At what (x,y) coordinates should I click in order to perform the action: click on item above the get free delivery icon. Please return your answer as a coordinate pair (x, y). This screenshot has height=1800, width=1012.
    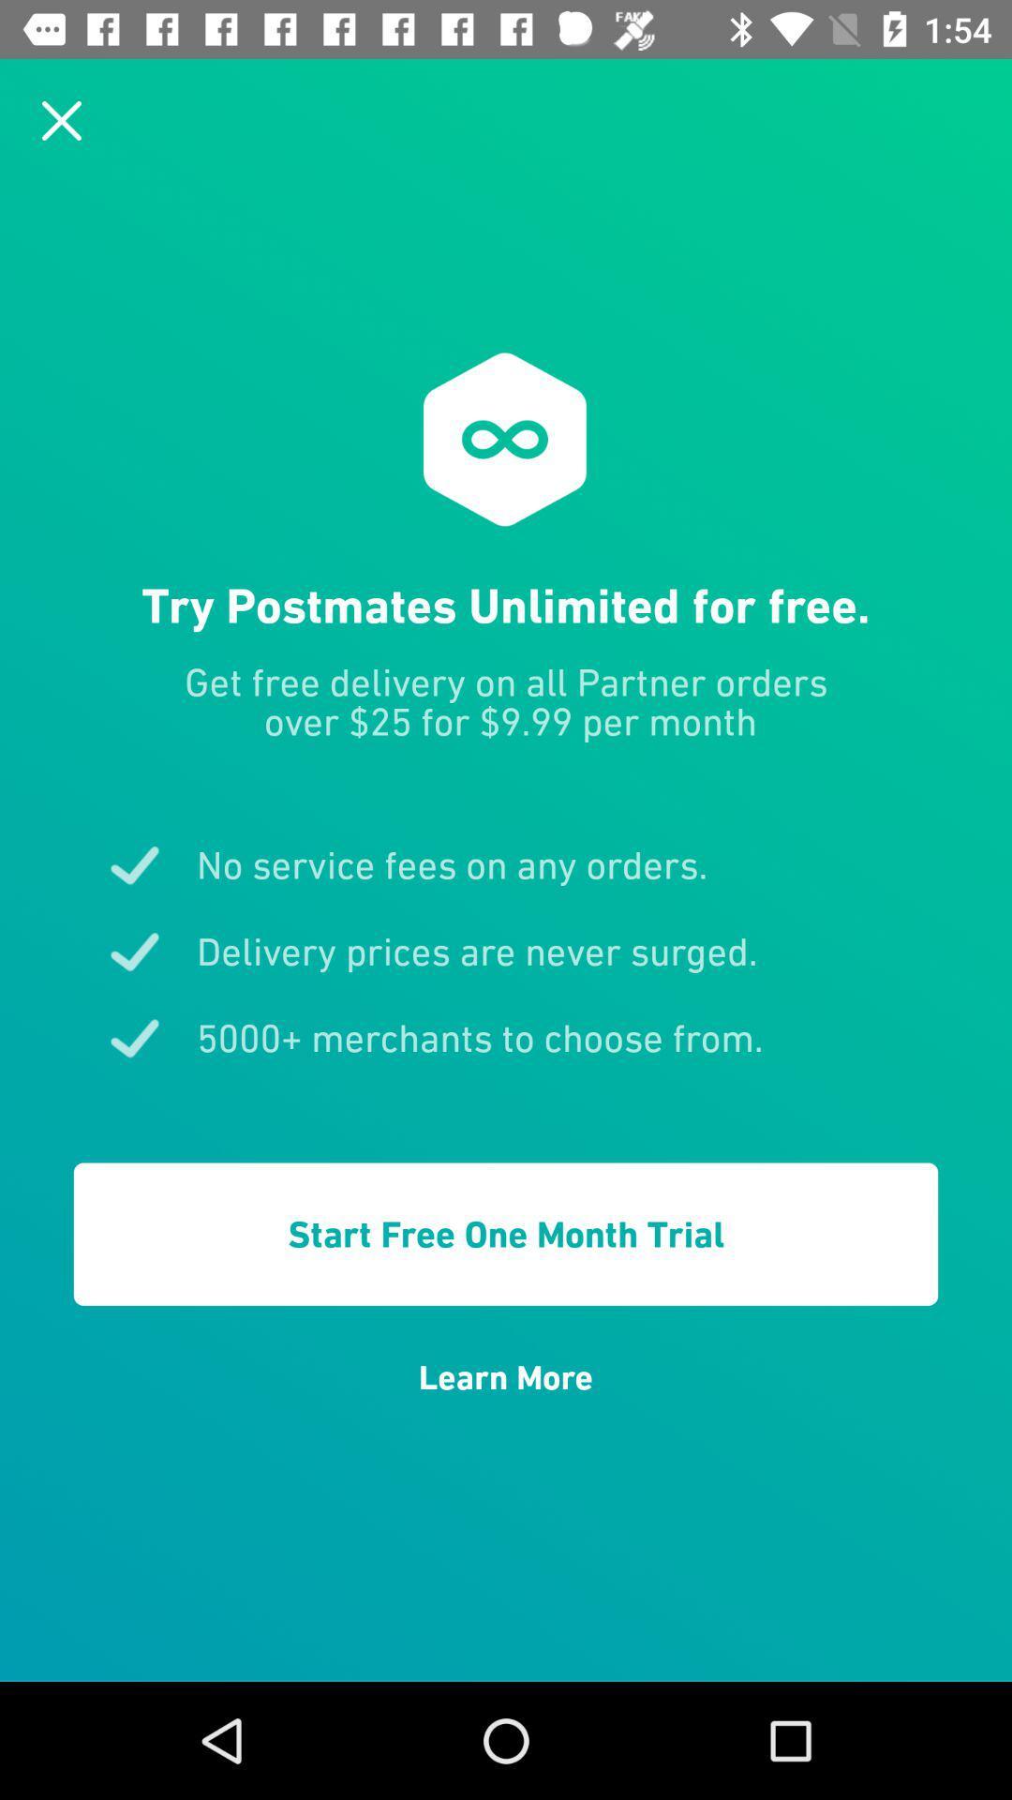
    Looking at the image, I should click on (60, 119).